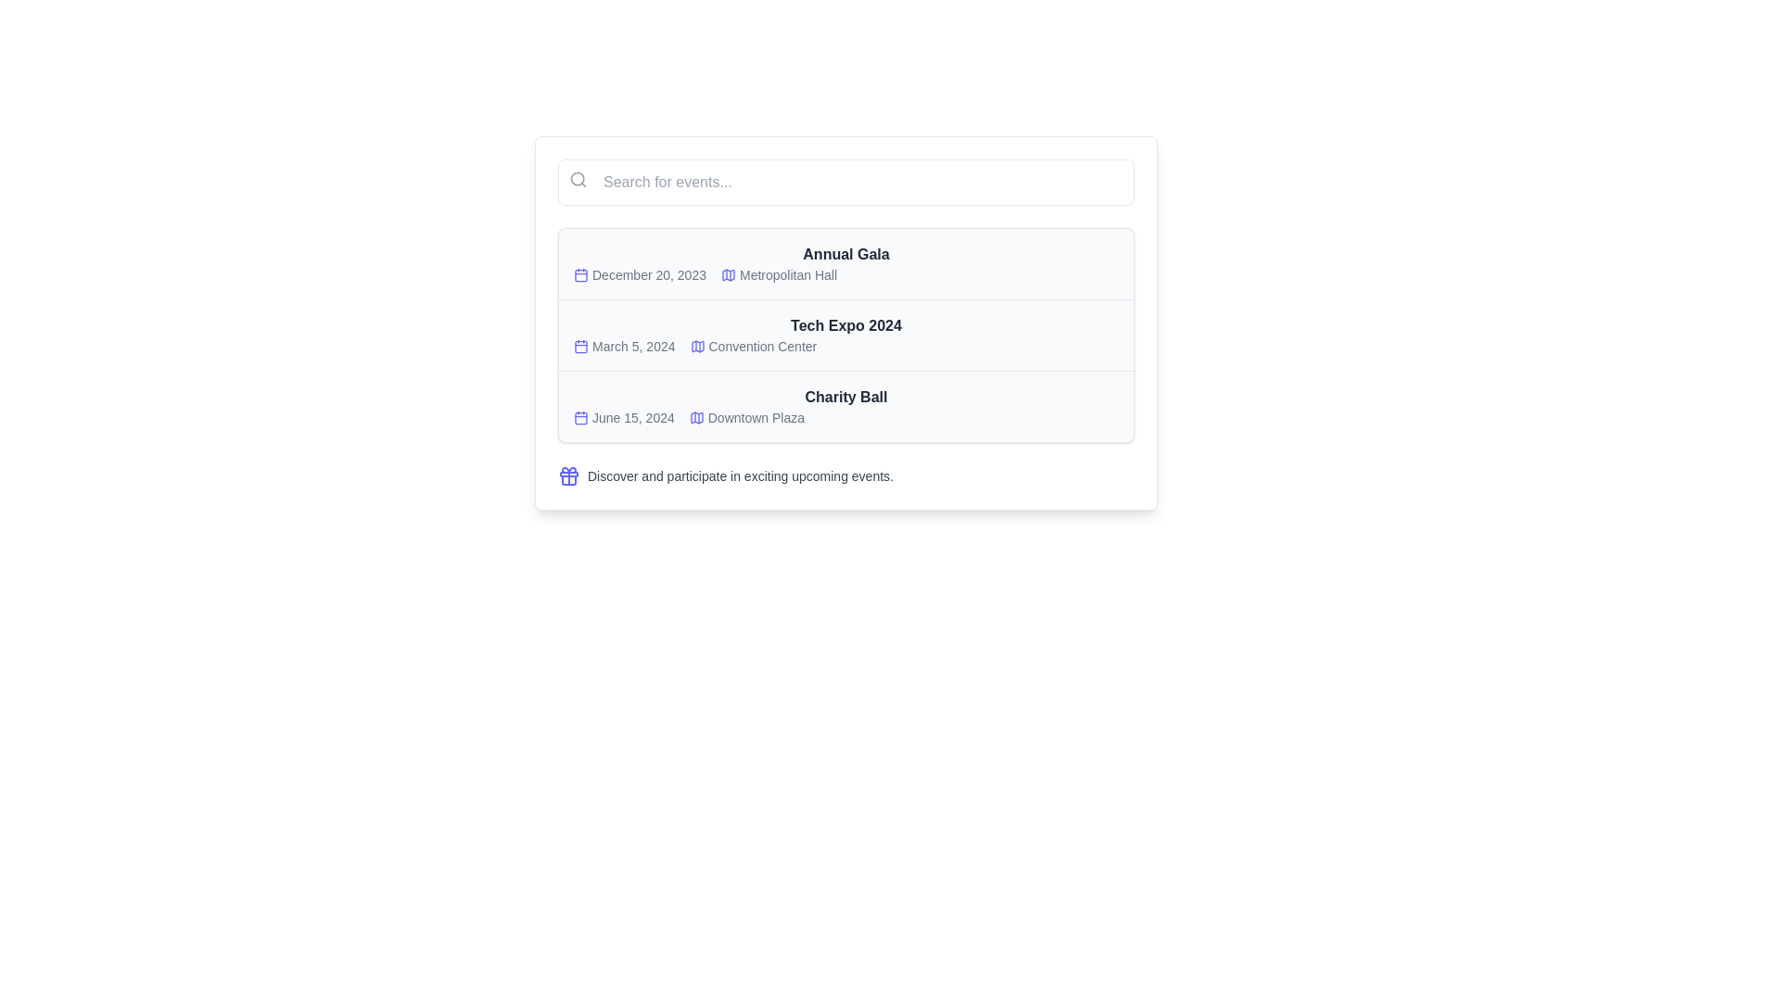 The width and height of the screenshot is (1780, 1001). Describe the element at coordinates (624, 347) in the screenshot. I see `date information displayed as 'March 5, 2024' next to the purple calendar icon, located in the second row of the list of events, left of 'Tech Expo 2024'` at that location.